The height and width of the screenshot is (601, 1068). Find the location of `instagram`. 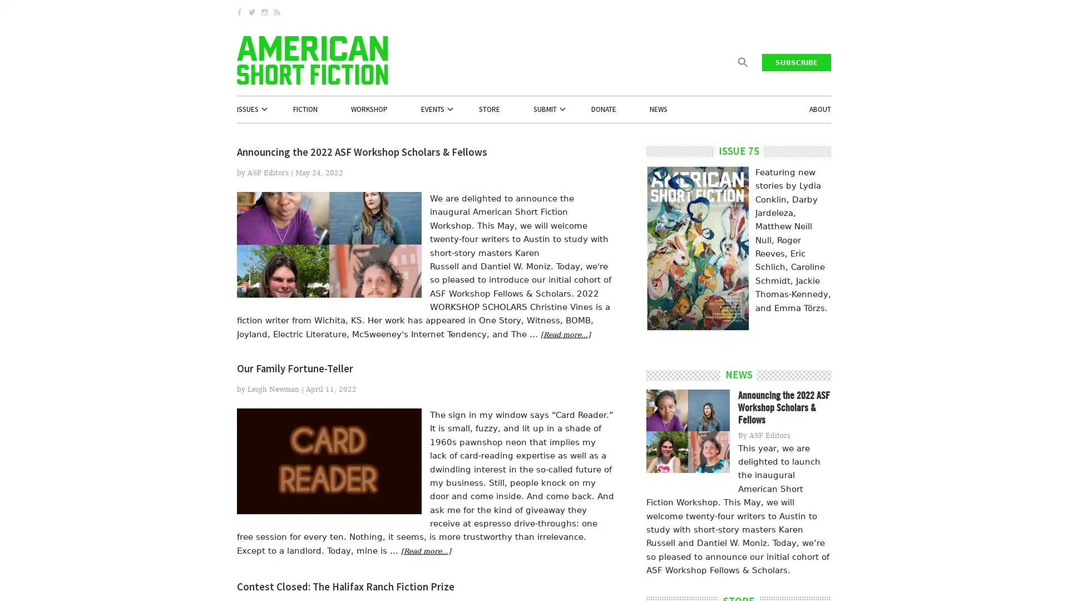

instagram is located at coordinates (265, 12).